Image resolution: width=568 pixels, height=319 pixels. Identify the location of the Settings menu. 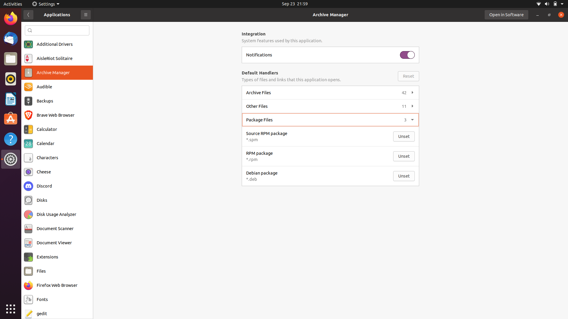
(45, 5).